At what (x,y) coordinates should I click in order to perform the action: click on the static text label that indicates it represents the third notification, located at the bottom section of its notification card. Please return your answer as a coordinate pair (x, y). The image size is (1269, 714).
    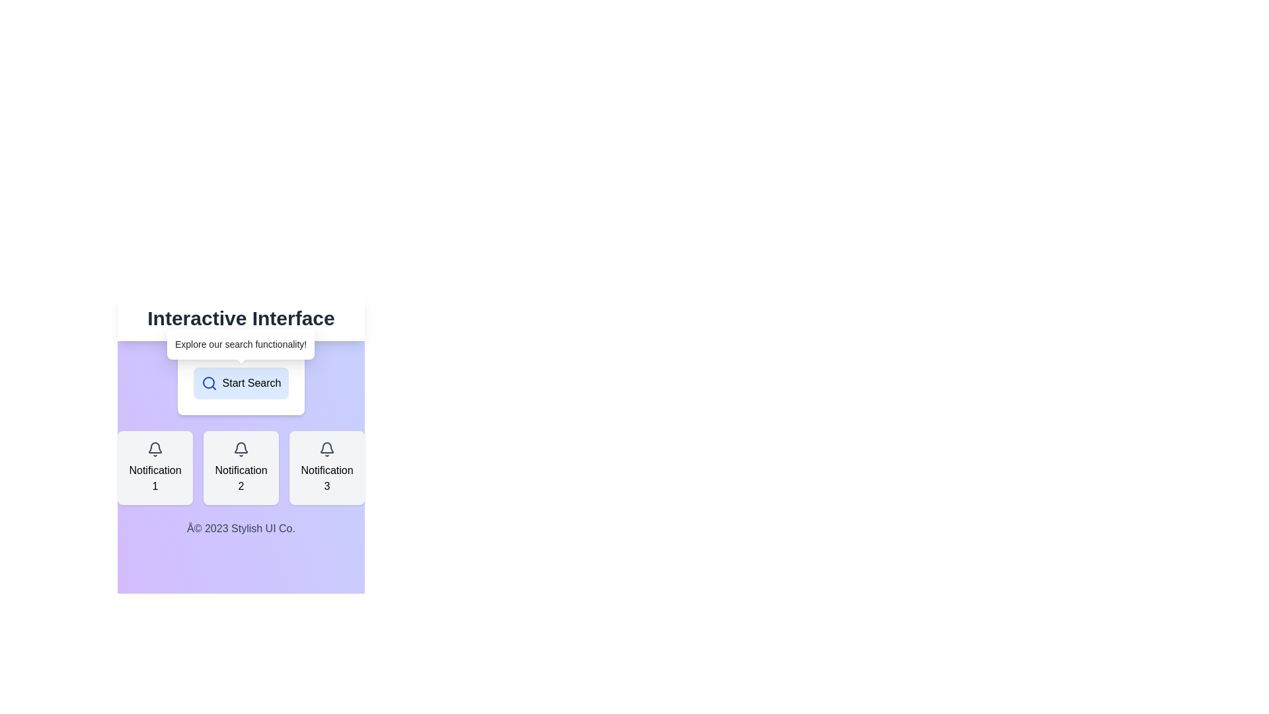
    Looking at the image, I should click on (327, 479).